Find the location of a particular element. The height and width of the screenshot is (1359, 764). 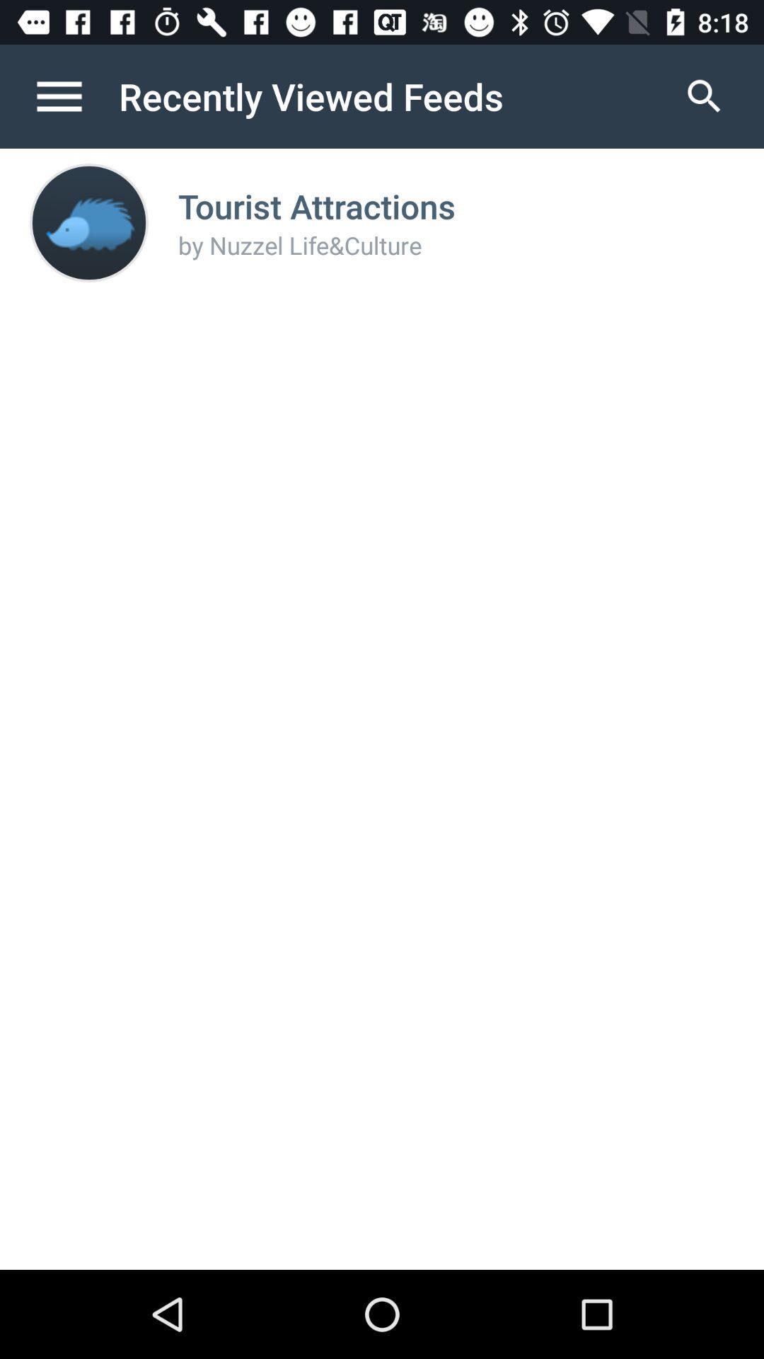

icon to the right of the recently viewed feeds is located at coordinates (704, 96).